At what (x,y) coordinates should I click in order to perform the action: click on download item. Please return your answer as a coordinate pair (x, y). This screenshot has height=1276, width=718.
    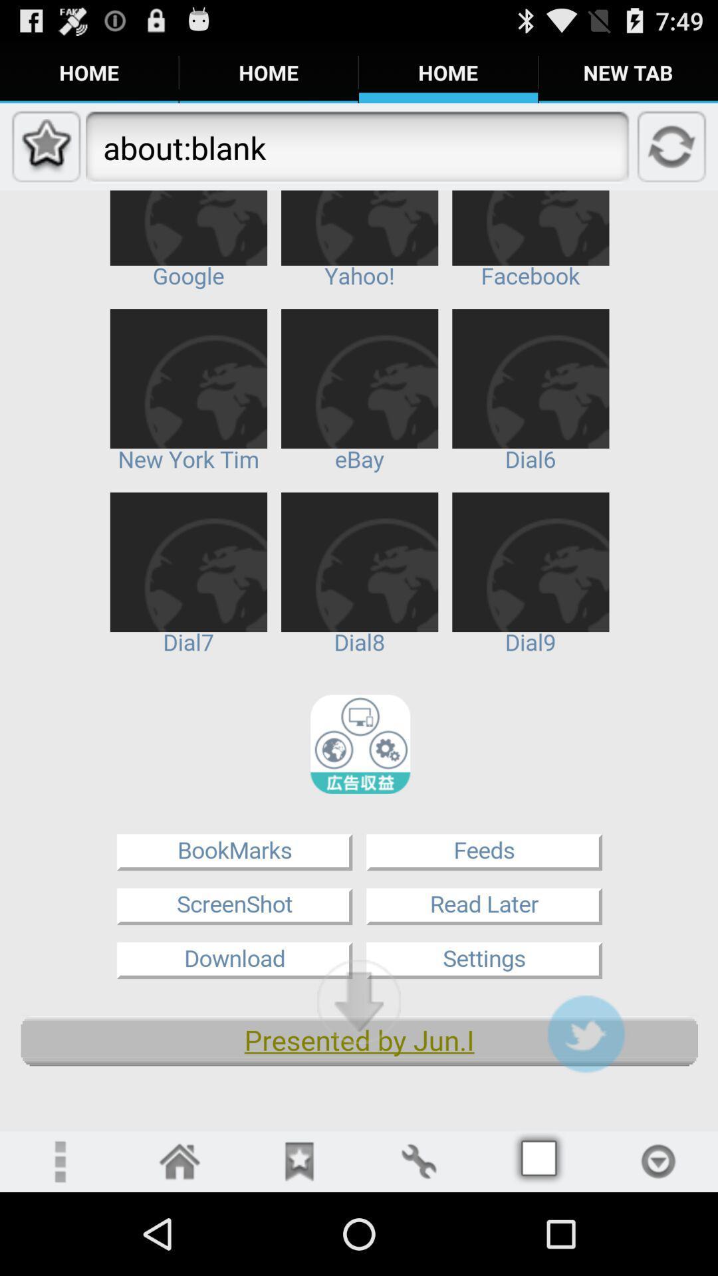
    Looking at the image, I should click on (359, 1002).